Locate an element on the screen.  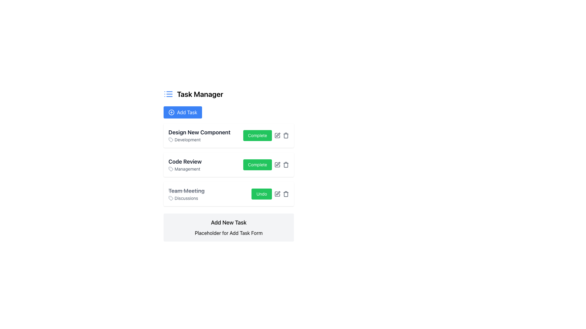
the 'Development' tag icon located at the leftmost side of the label within the 'Design New Component' task entry is located at coordinates (171, 140).